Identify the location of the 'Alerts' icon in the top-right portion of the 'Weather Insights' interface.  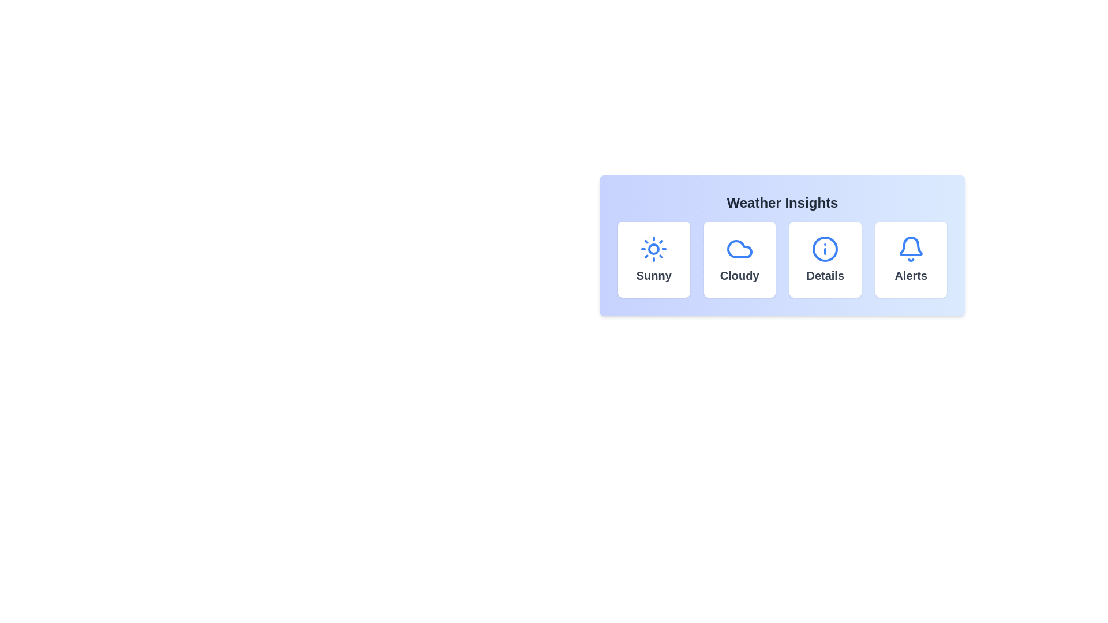
(910, 246).